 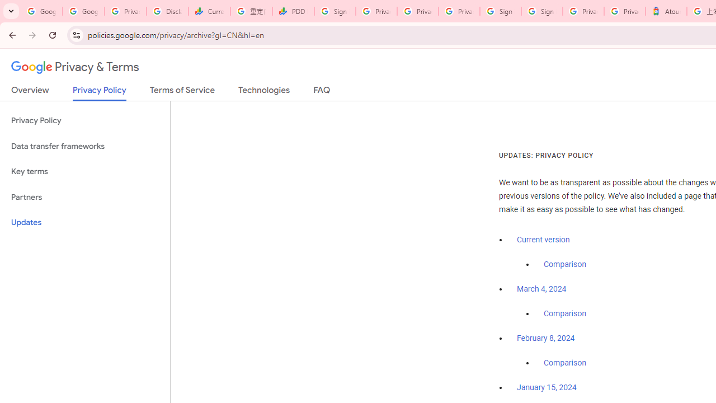 I want to click on 'March 4, 2024', so click(x=541, y=289).